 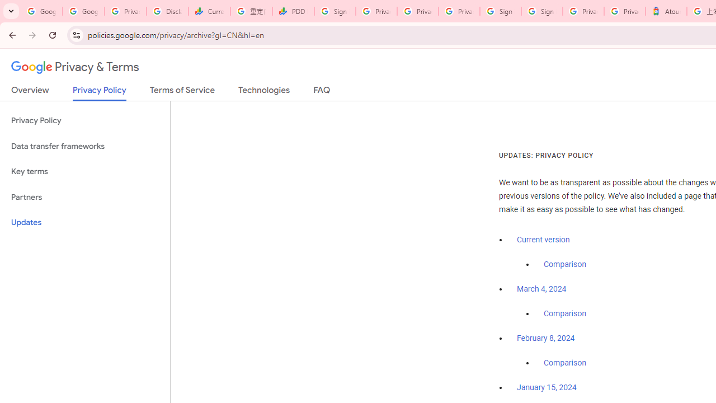 I want to click on 'March 4, 2024', so click(x=541, y=289).